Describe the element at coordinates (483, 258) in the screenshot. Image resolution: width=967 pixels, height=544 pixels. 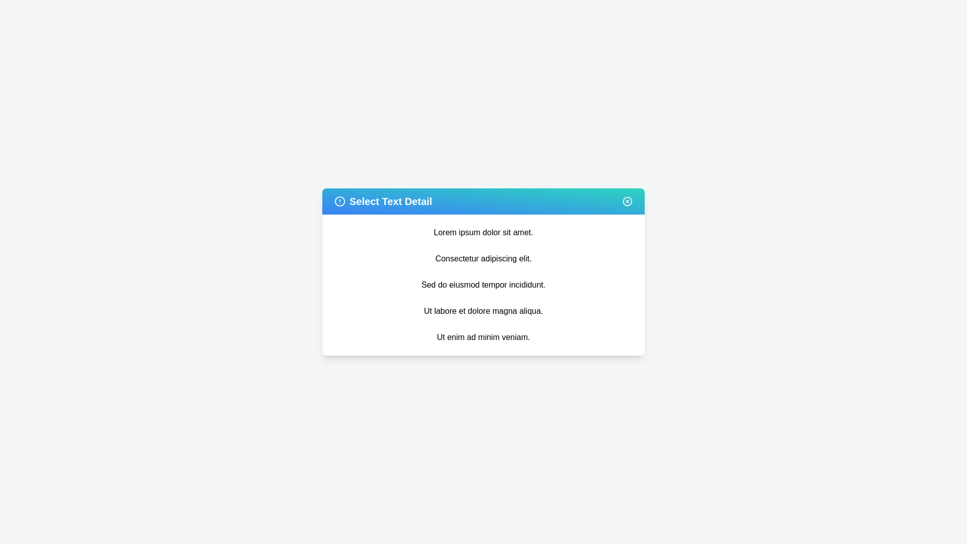
I see `the text item 'Consectetur adipiscing elit.'` at that location.